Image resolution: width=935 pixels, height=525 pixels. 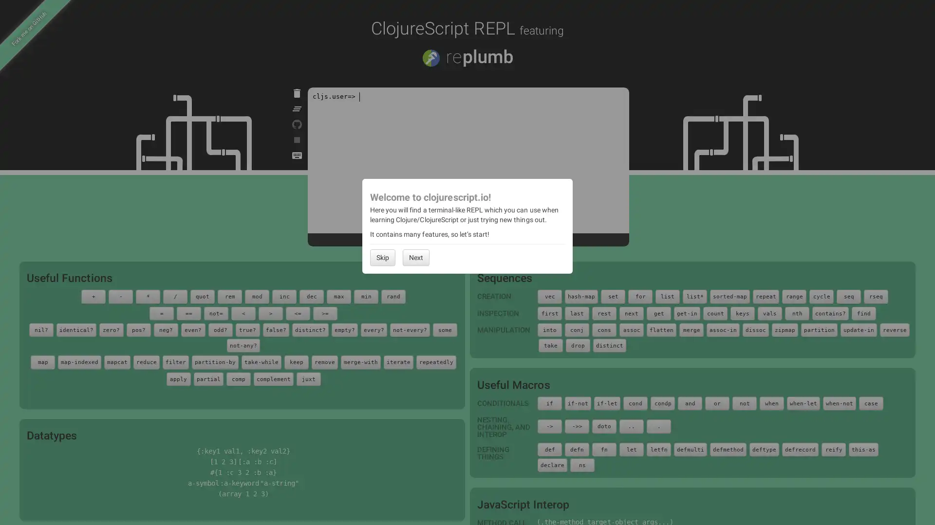 What do you see at coordinates (398, 362) in the screenshot?
I see `iterate` at bounding box center [398, 362].